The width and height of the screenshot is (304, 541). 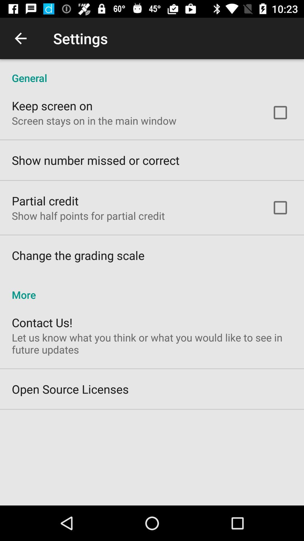 I want to click on open source licenses item, so click(x=70, y=389).